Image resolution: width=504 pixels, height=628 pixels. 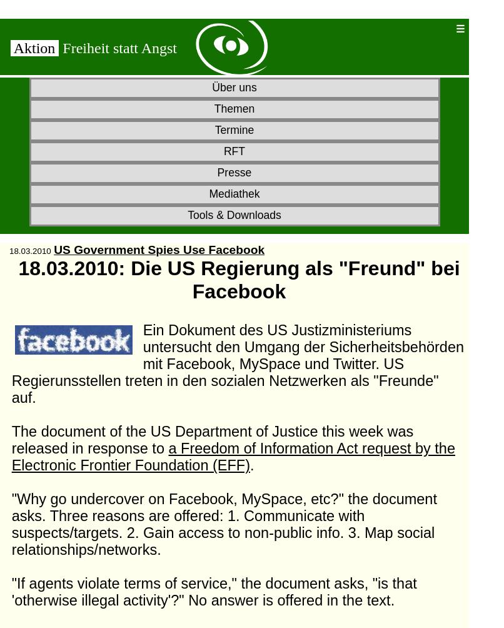 What do you see at coordinates (158, 248) in the screenshot?
I see `'US Government Spies Use Facebook'` at bounding box center [158, 248].